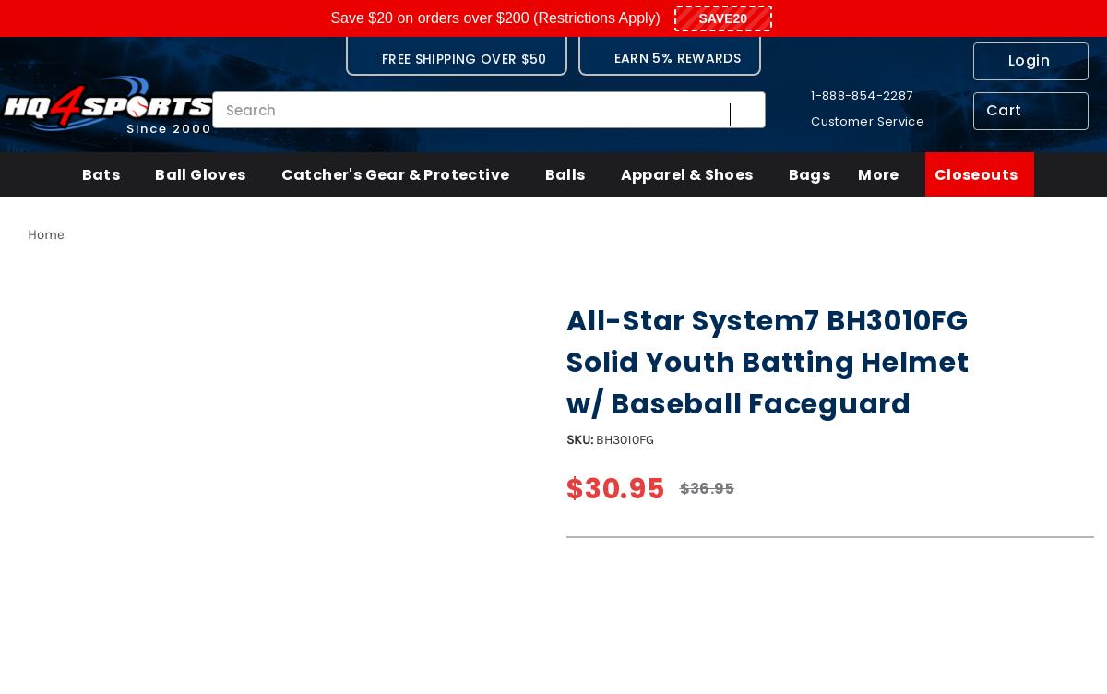  What do you see at coordinates (168, 126) in the screenshot?
I see `'Since 2000'` at bounding box center [168, 126].